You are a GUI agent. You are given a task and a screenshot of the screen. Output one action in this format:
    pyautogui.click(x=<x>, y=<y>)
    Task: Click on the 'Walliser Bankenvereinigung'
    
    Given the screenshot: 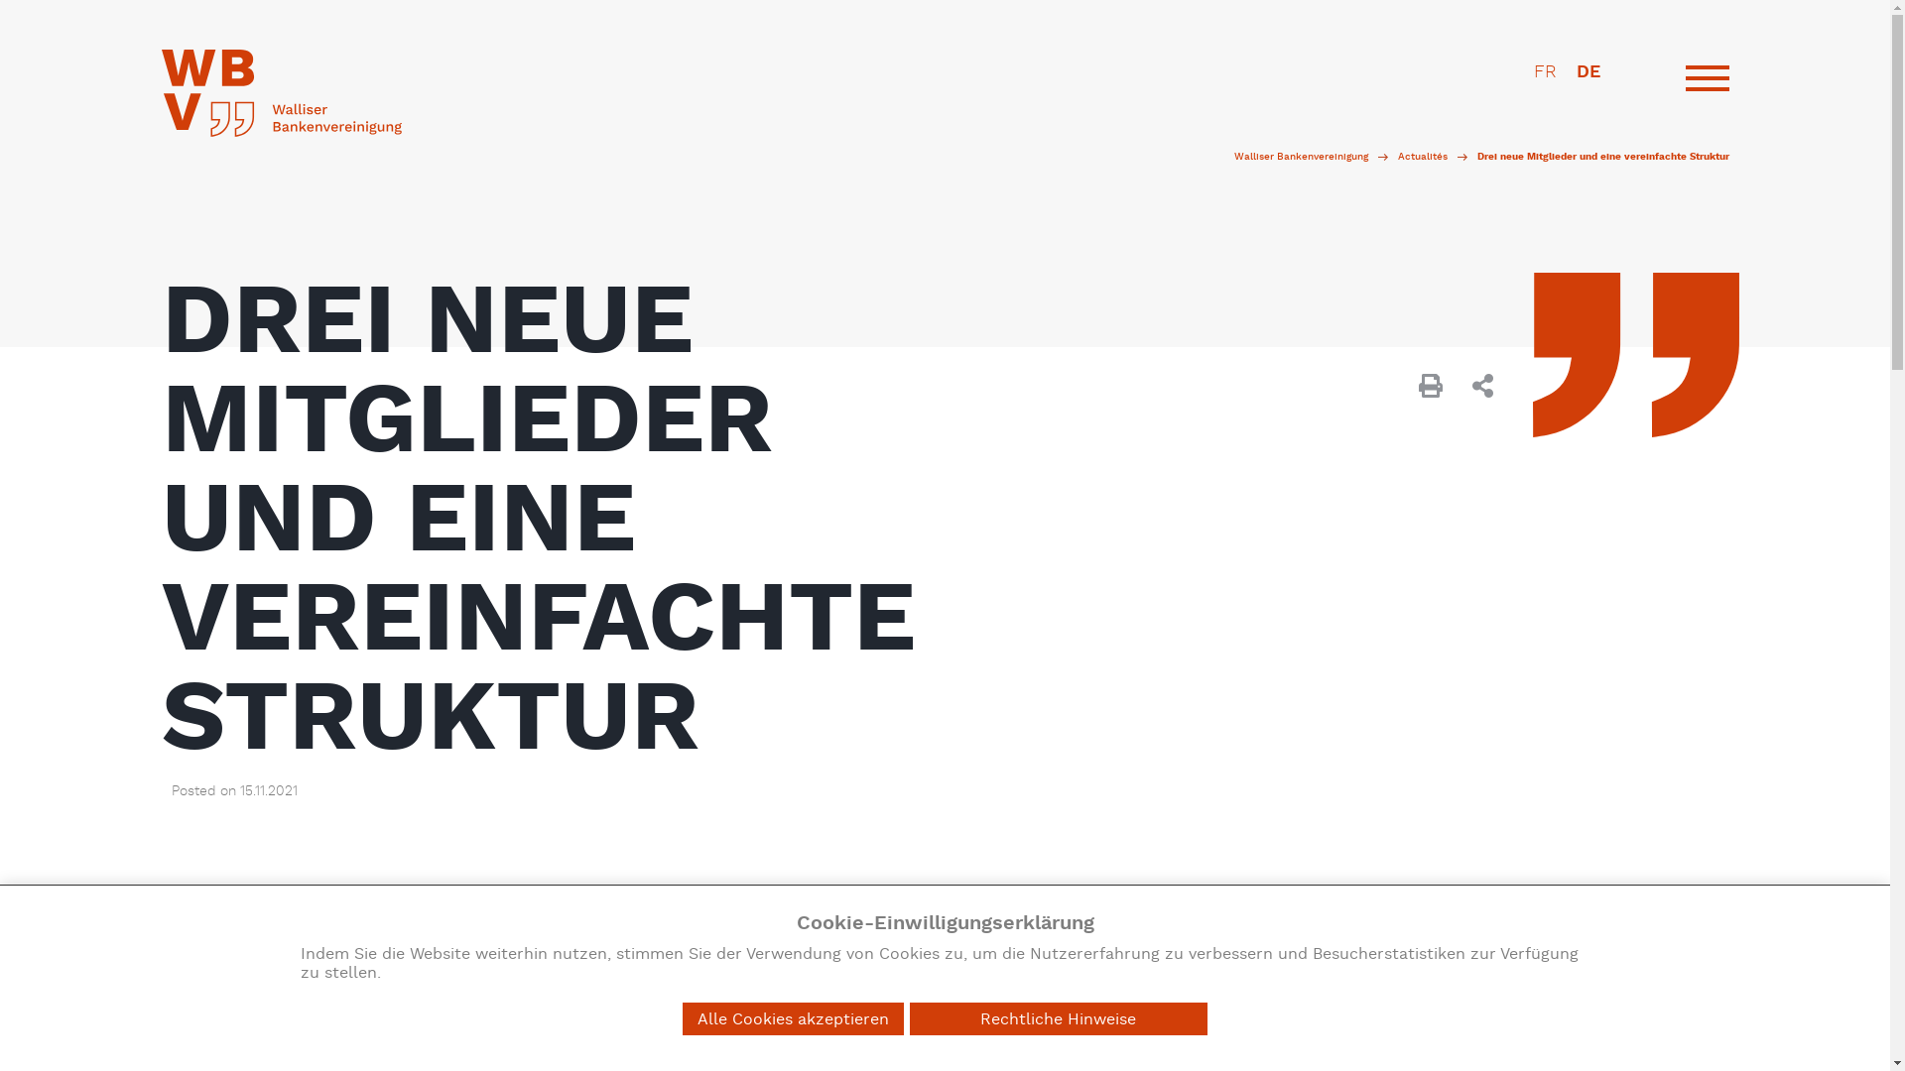 What is the action you would take?
    pyautogui.click(x=1301, y=156)
    